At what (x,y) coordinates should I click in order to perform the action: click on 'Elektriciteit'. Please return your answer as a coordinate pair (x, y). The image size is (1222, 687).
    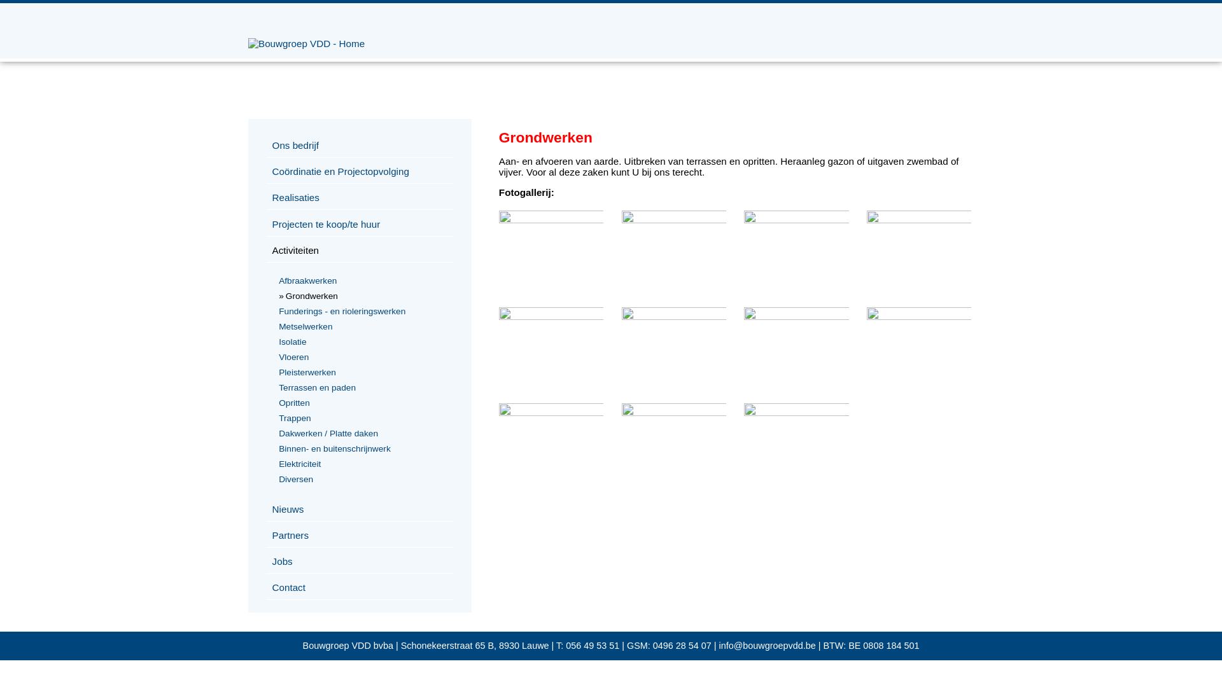
    Looking at the image, I should click on (362, 464).